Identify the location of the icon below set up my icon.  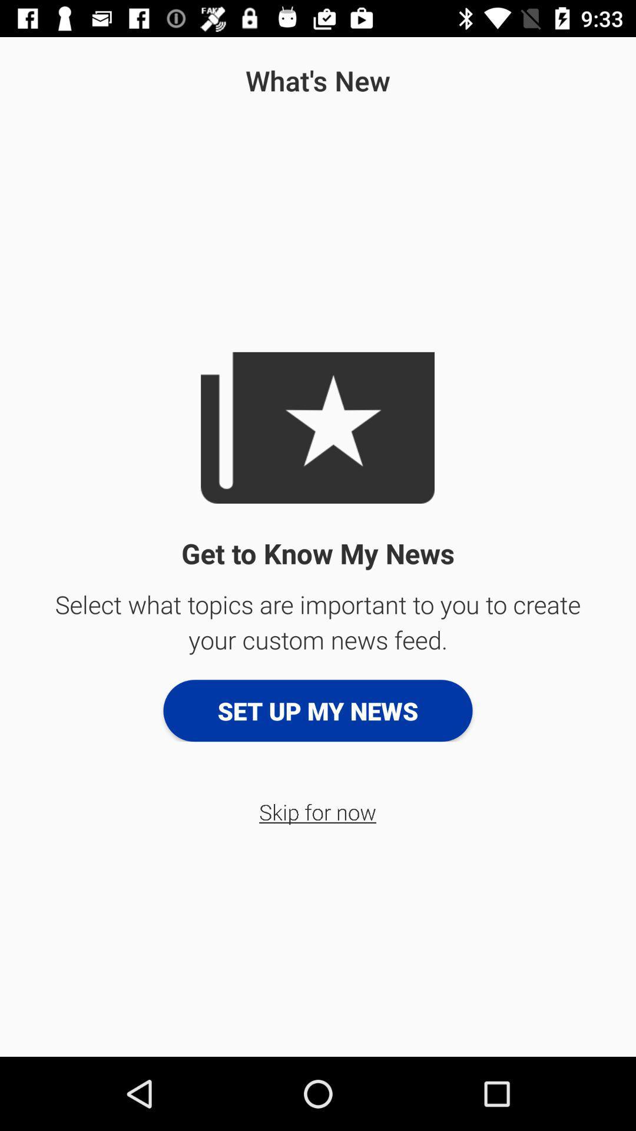
(317, 811).